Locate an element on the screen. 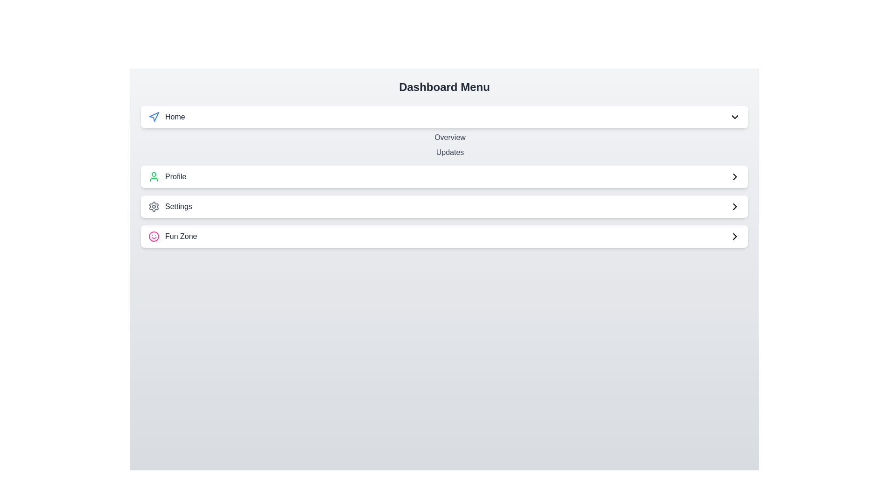  the chevron icon located to the right of the 'Settings' menu item, indicating a secondary action or submenu is located at coordinates (734, 206).